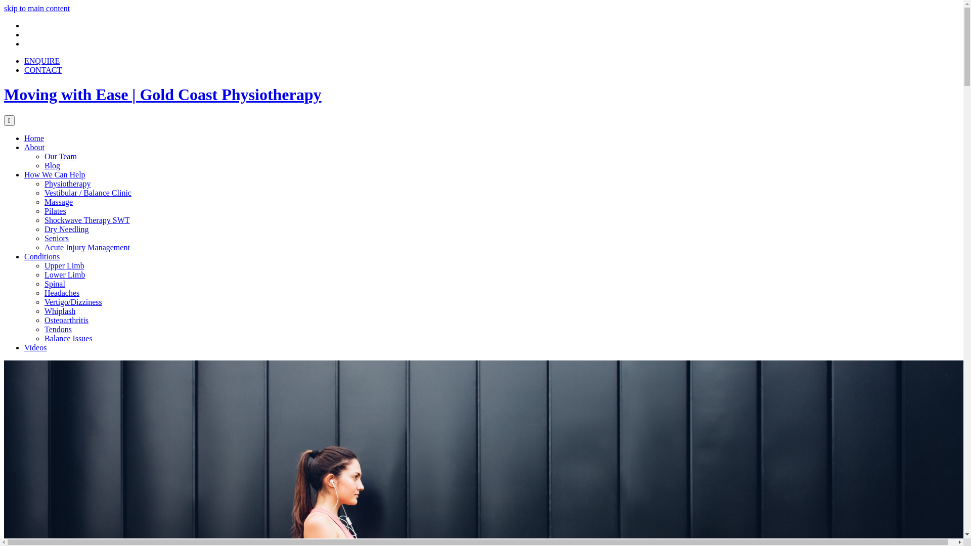 This screenshot has width=971, height=546. Describe the element at coordinates (54, 284) in the screenshot. I see `'Spinal'` at that location.